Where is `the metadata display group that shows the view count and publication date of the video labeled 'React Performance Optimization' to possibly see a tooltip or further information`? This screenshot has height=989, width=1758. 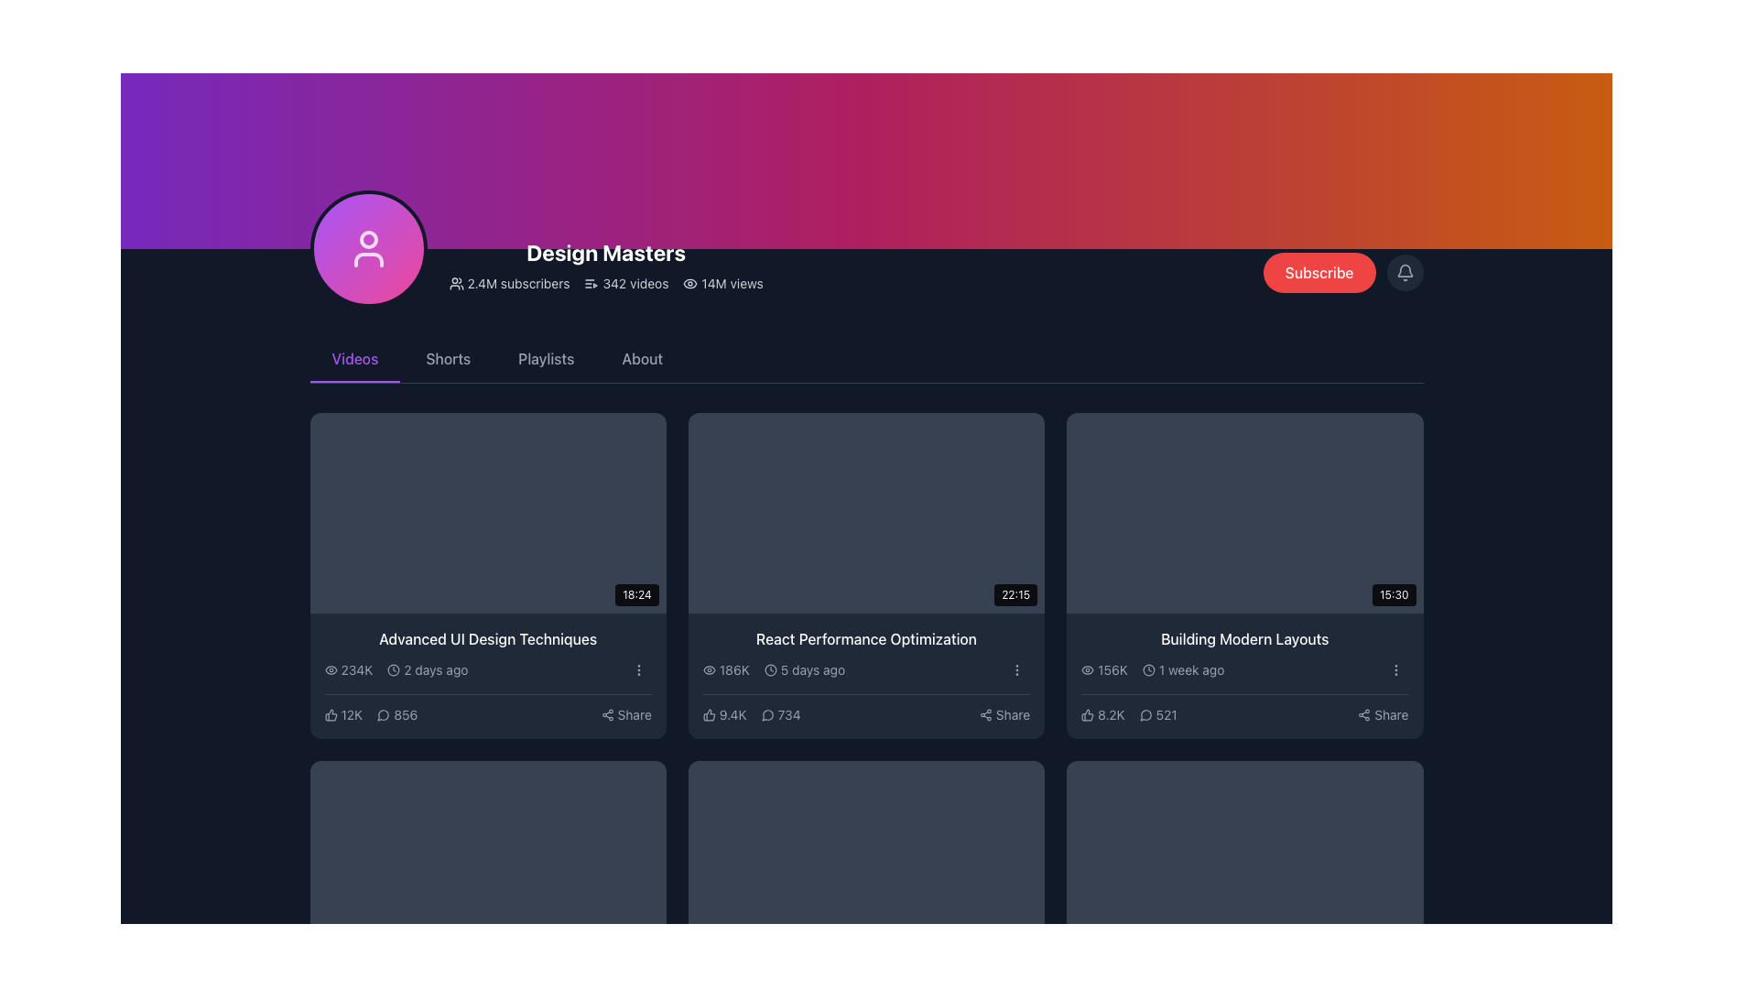
the metadata display group that shows the view count and publication date of the video labeled 'React Performance Optimization' to possibly see a tooltip or further information is located at coordinates (774, 670).